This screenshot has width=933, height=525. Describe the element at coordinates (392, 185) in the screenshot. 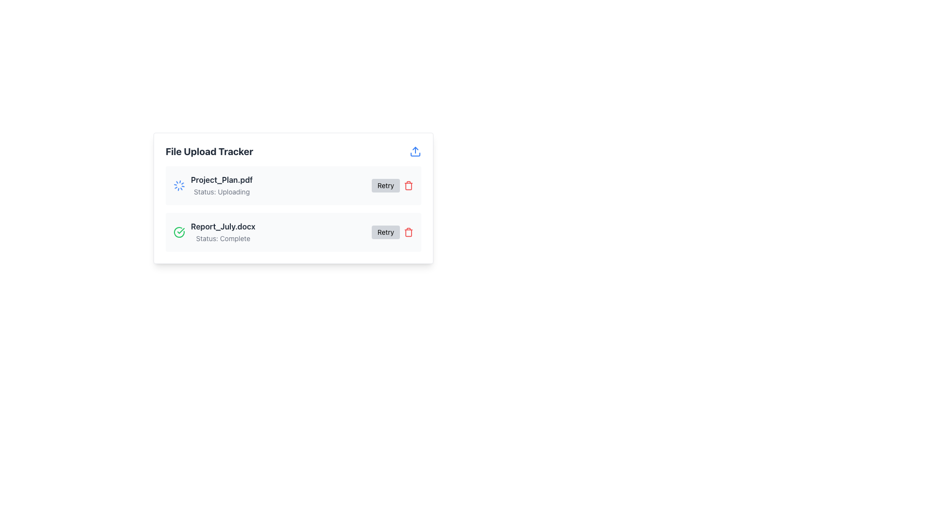

I see `the 'Retry' button, which has a light gray background and rounded corners, located next to a red trash icon in the upper file entry section for 'Project_Plan.pdf'` at that location.